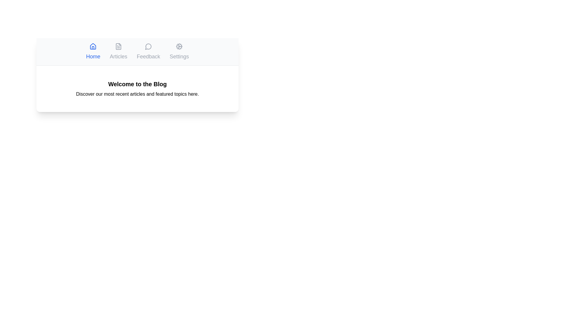 The width and height of the screenshot is (569, 320). I want to click on the tab labeled Home to observe its hover effect, so click(93, 51).